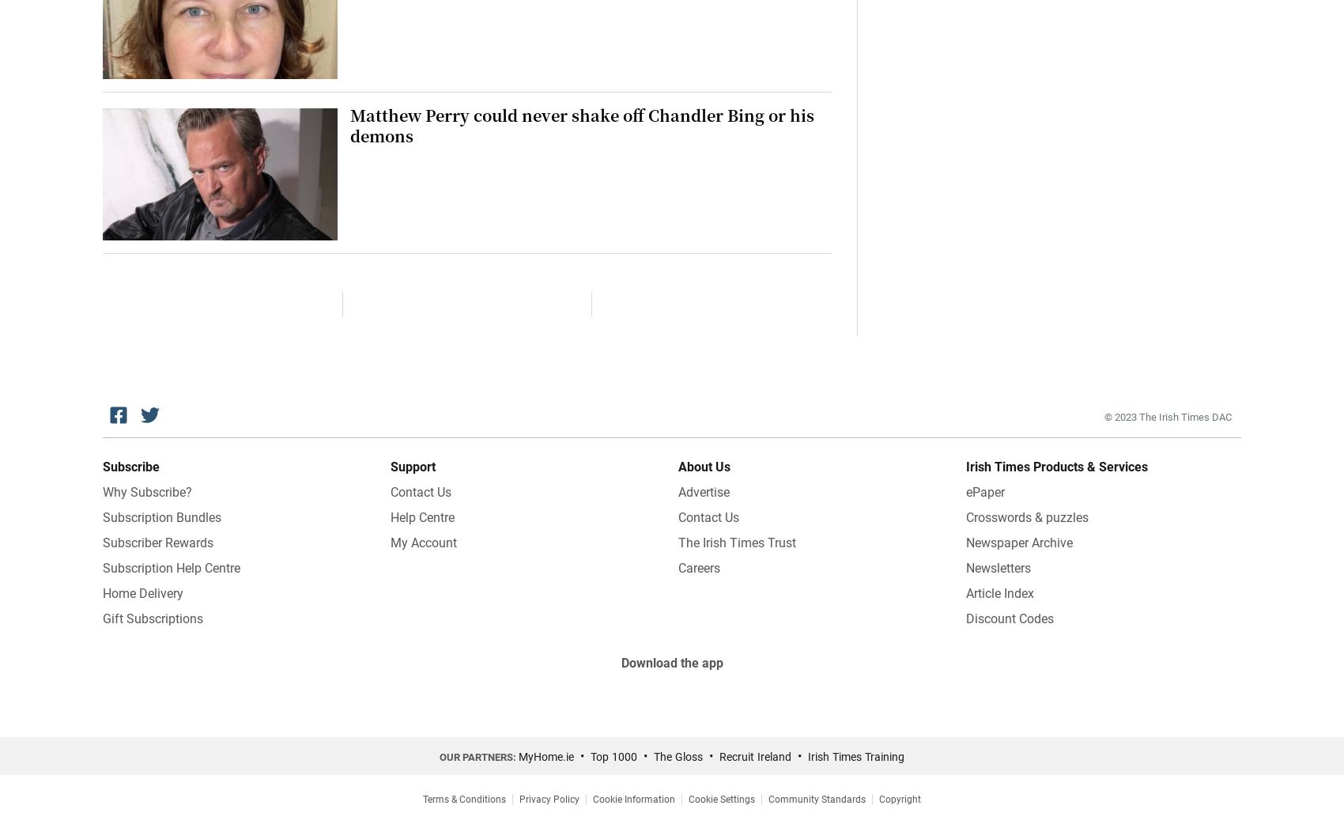  What do you see at coordinates (699, 567) in the screenshot?
I see `'Careers'` at bounding box center [699, 567].